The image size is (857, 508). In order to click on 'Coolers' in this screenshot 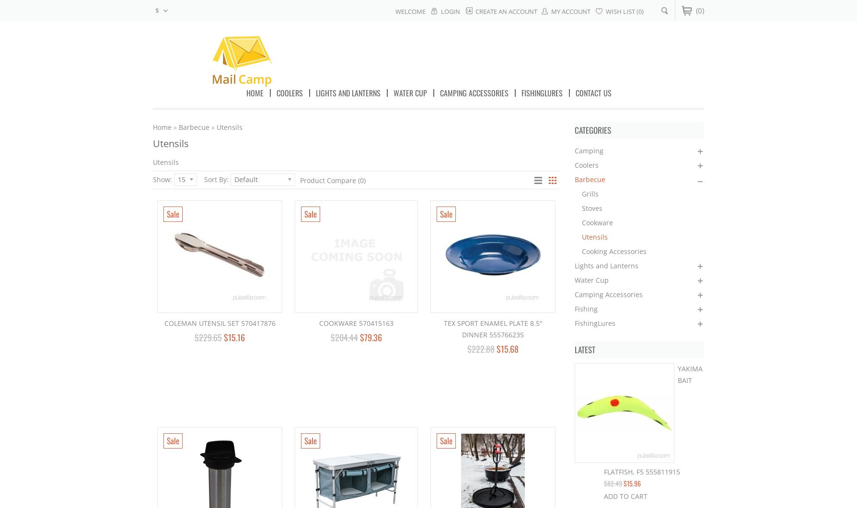, I will do `click(586, 165)`.